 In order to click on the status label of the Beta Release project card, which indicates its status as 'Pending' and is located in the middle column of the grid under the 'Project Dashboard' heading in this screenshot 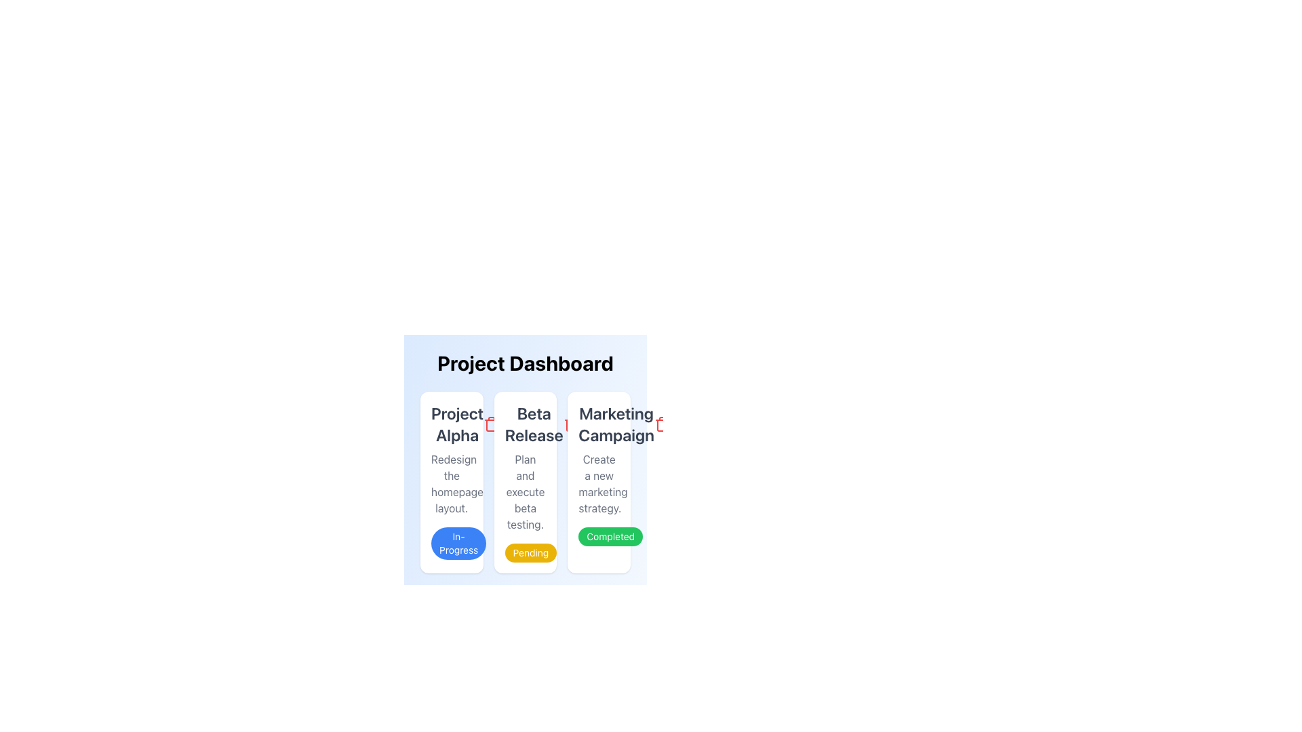, I will do `click(524, 482)`.